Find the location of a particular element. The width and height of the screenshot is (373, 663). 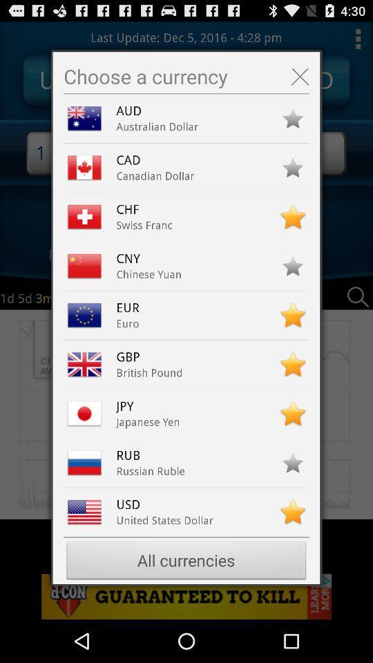

icon below the aud app is located at coordinates (156, 126).